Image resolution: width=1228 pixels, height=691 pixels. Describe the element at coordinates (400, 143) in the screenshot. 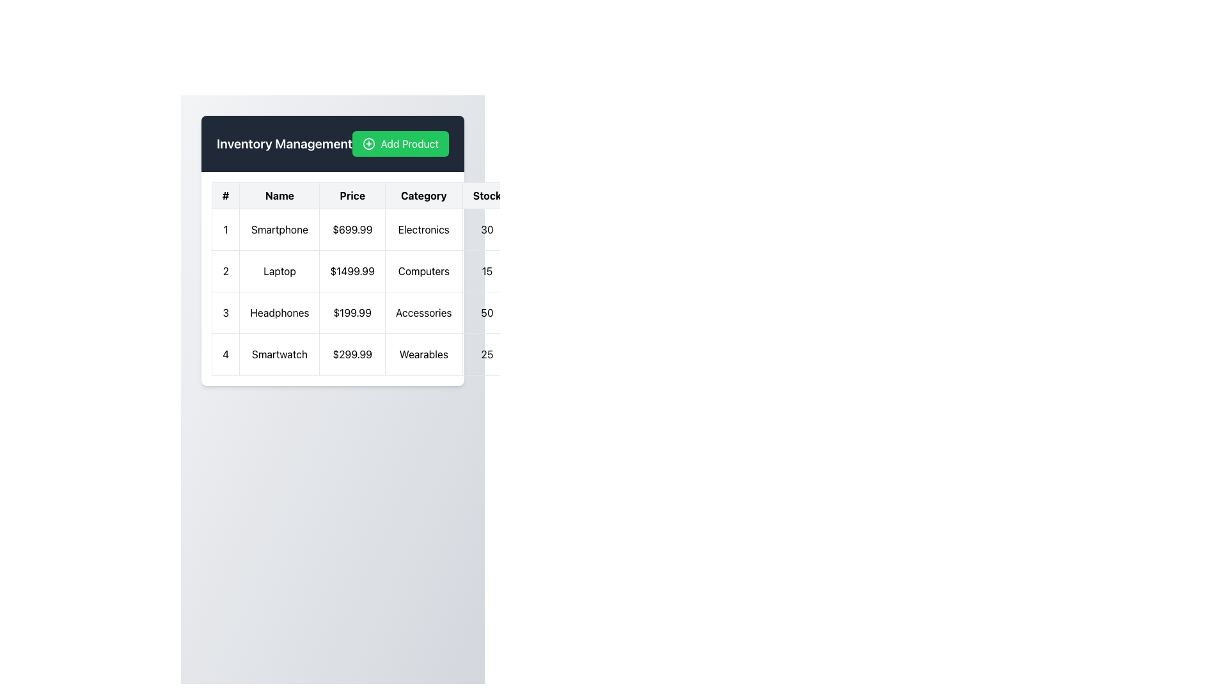

I see `the 'Add Product' button located on the right side of the inventory management section to initiate the product addition process` at that location.